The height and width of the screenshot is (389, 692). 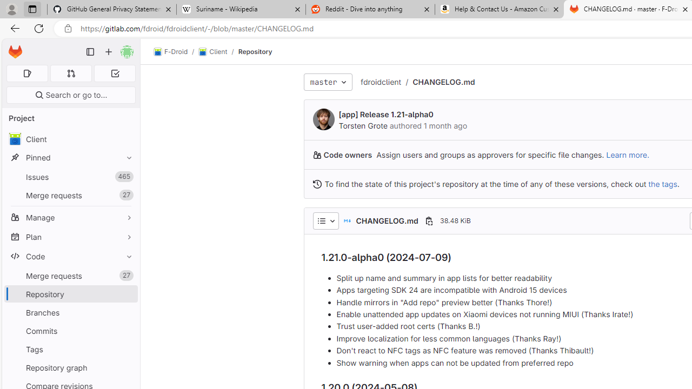 I want to click on 'Client', so click(x=213, y=52).